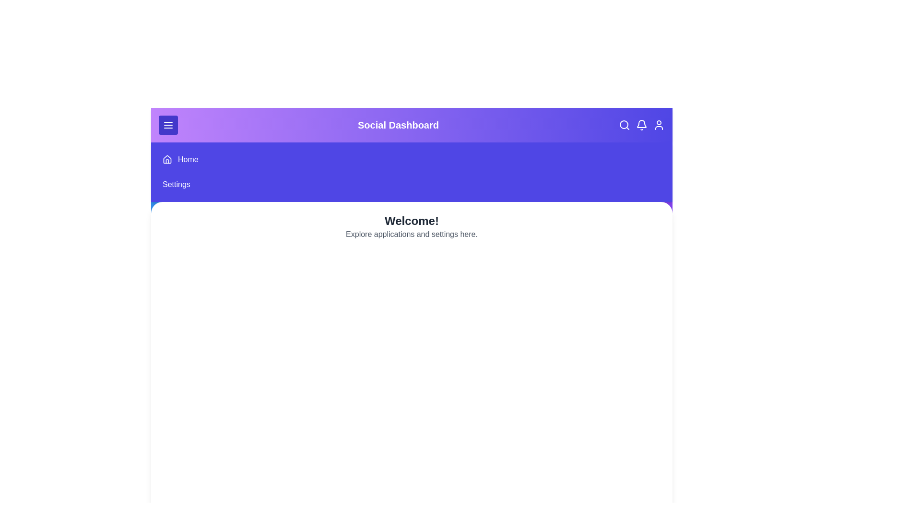 This screenshot has height=518, width=921. I want to click on the 'Home' link to navigate to the 'Home' section, so click(188, 159).